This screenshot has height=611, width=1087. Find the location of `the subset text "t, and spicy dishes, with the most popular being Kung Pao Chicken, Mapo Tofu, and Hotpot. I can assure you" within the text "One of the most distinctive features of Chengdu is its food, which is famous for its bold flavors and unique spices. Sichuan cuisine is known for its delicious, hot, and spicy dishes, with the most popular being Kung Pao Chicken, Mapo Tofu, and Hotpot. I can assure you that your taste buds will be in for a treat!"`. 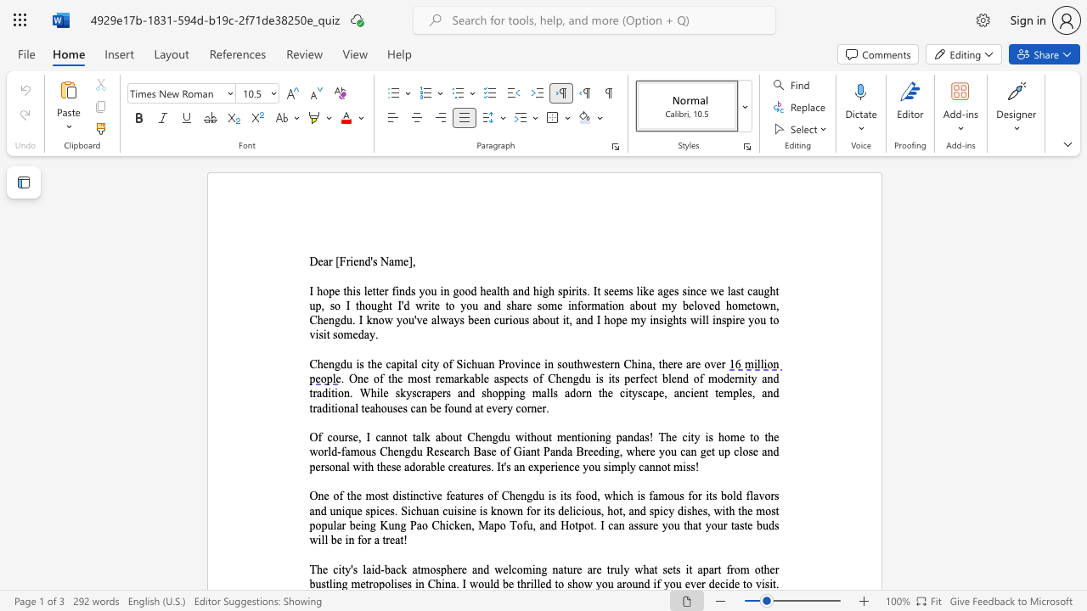

the subset text "t, and spicy dishes, with the most popular being Kung Pao Chicken, Mapo Tofu, and Hotpot. I can assure you" within the text "One of the most distinctive features of Chengdu is its food, which is famous for its bold flavors and unique spices. Sichuan cuisine is known for its delicious, hot, and spicy dishes, with the most popular being Kung Pao Chicken, Mapo Tofu, and Hotpot. I can assure you that your taste buds will be in for a treat!" is located at coordinates (618, 509).